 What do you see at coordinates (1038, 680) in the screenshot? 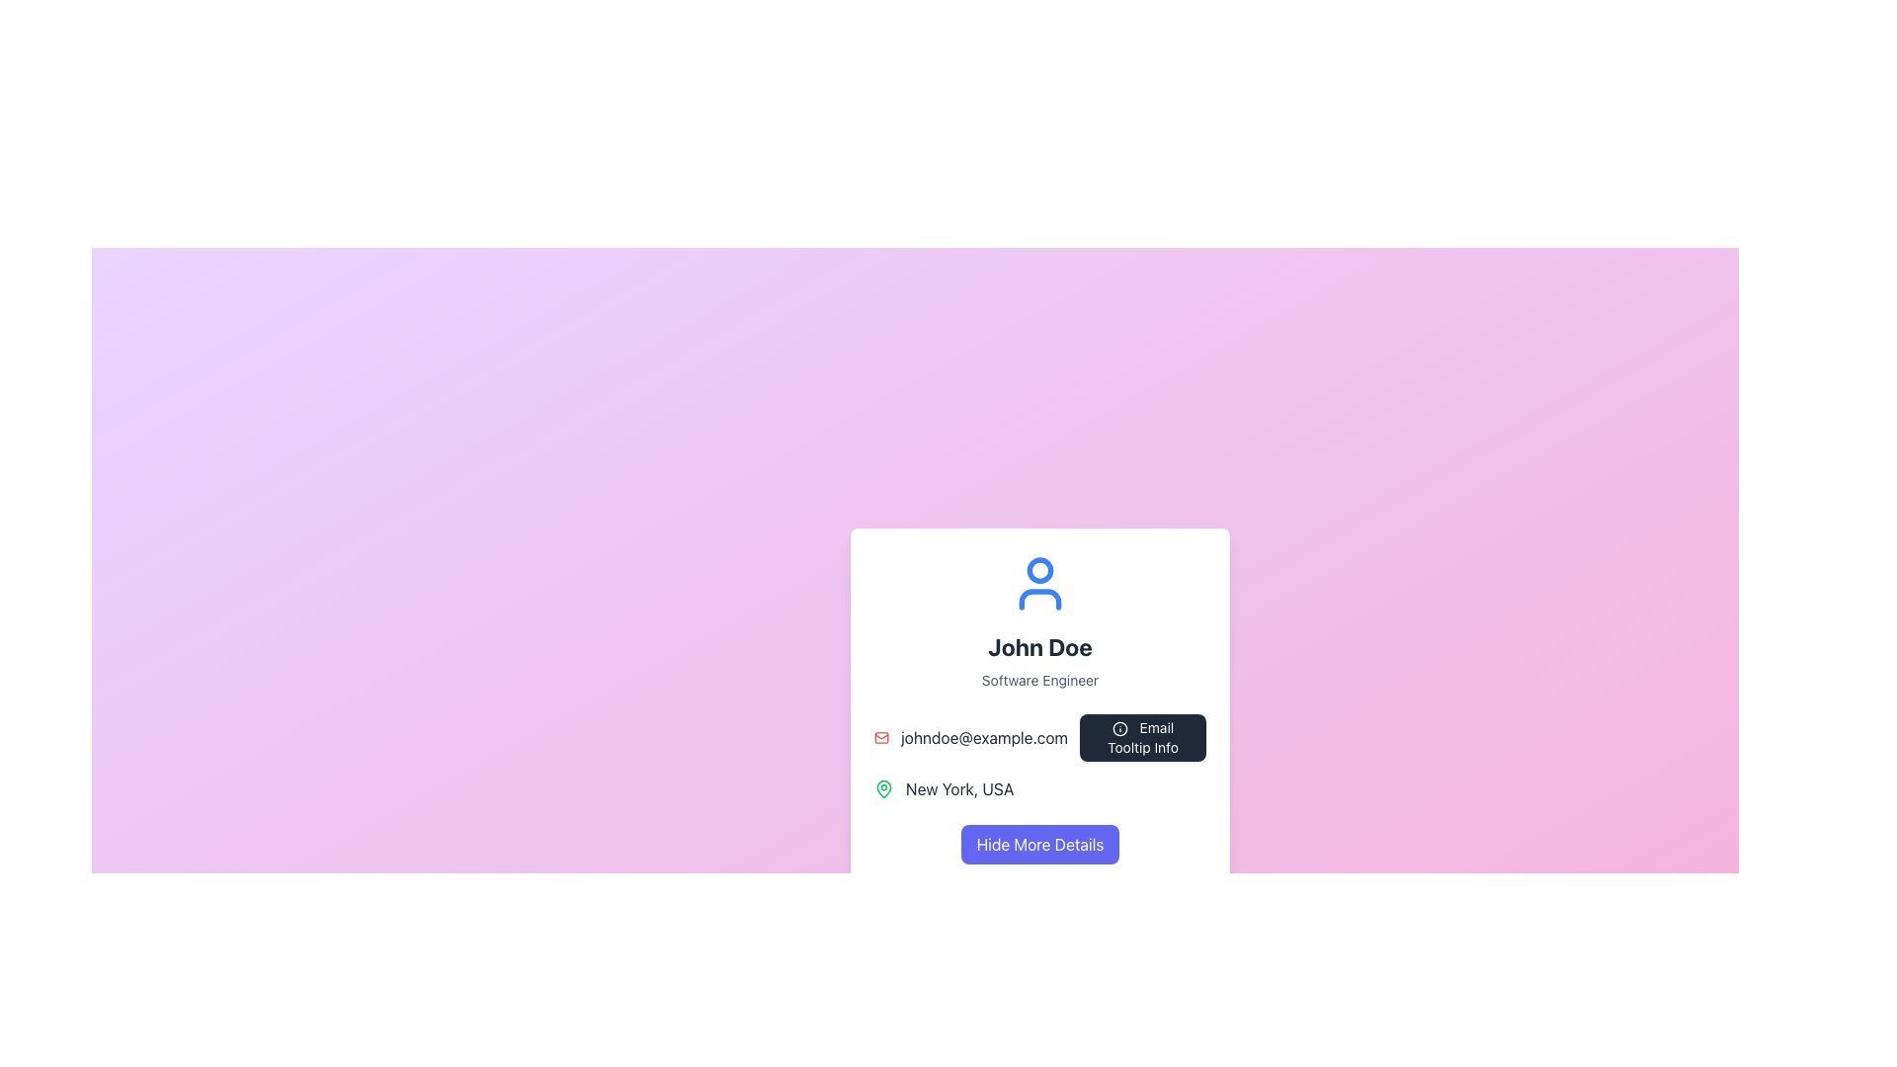
I see `the static text label reading 'Software Engineer' located below the bold 'John Doe' text label in the user's profile card` at bounding box center [1038, 680].